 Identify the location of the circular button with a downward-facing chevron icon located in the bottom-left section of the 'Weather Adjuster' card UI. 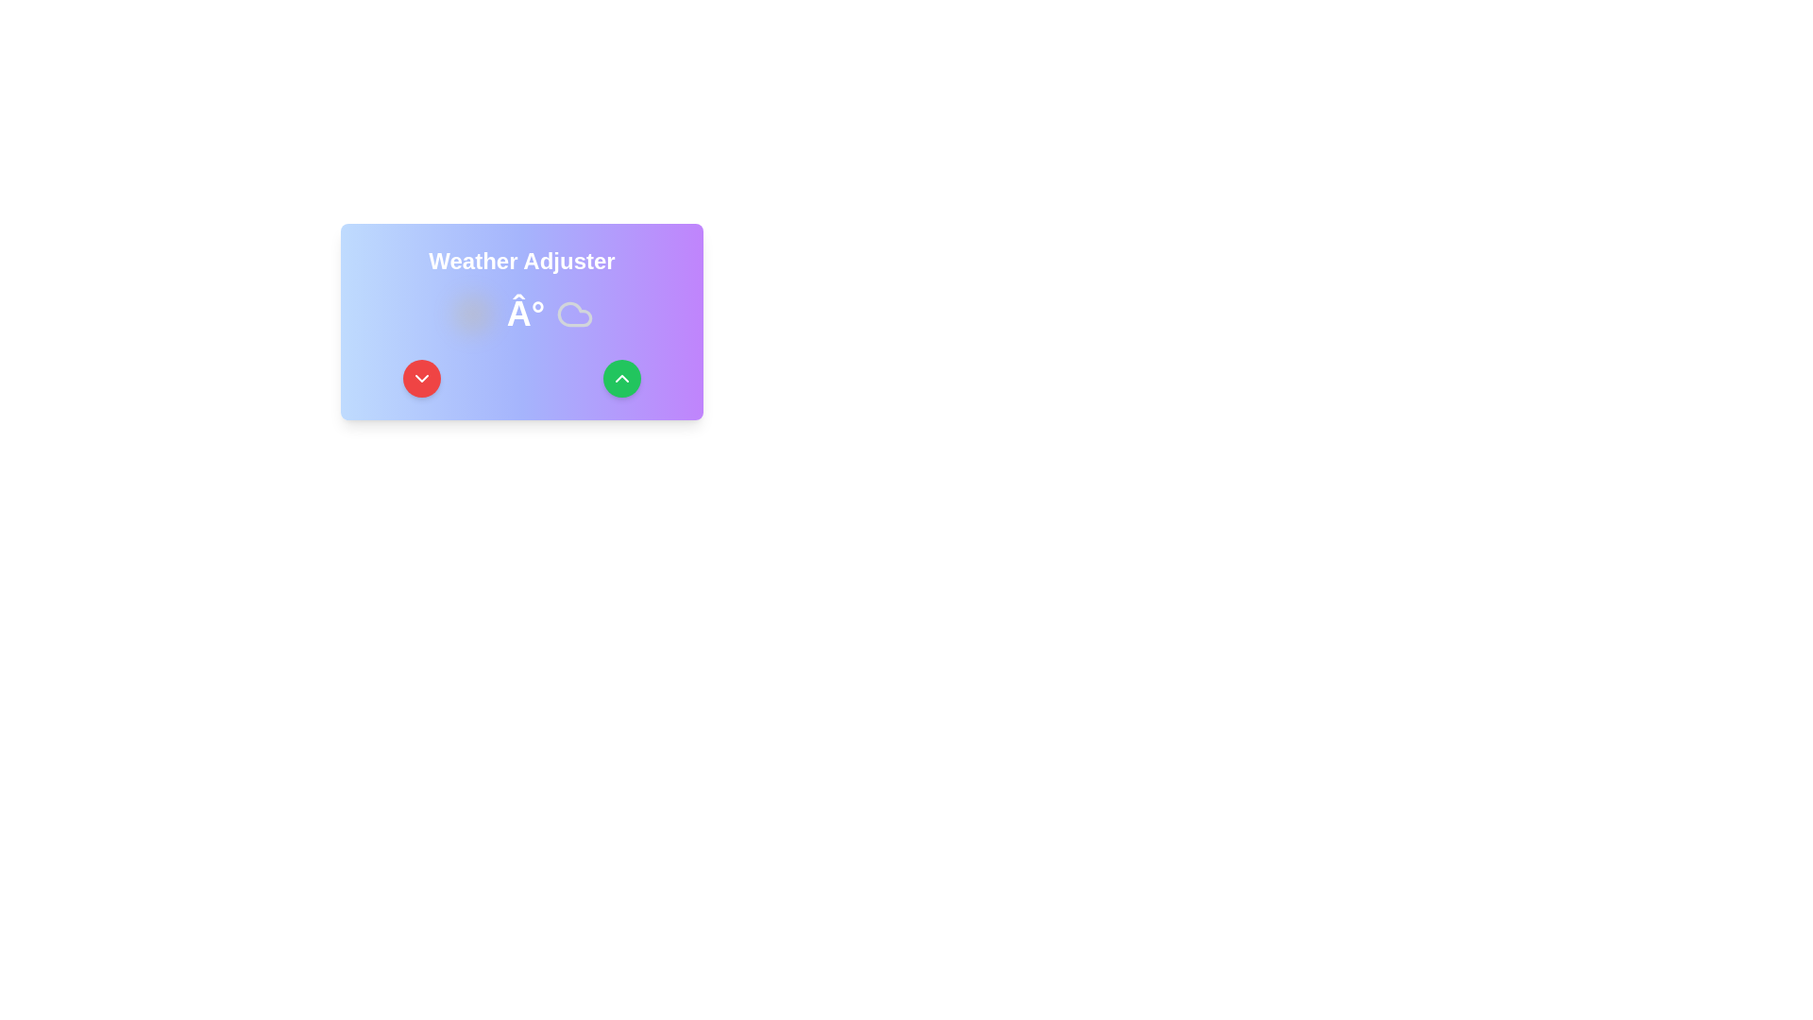
(420, 379).